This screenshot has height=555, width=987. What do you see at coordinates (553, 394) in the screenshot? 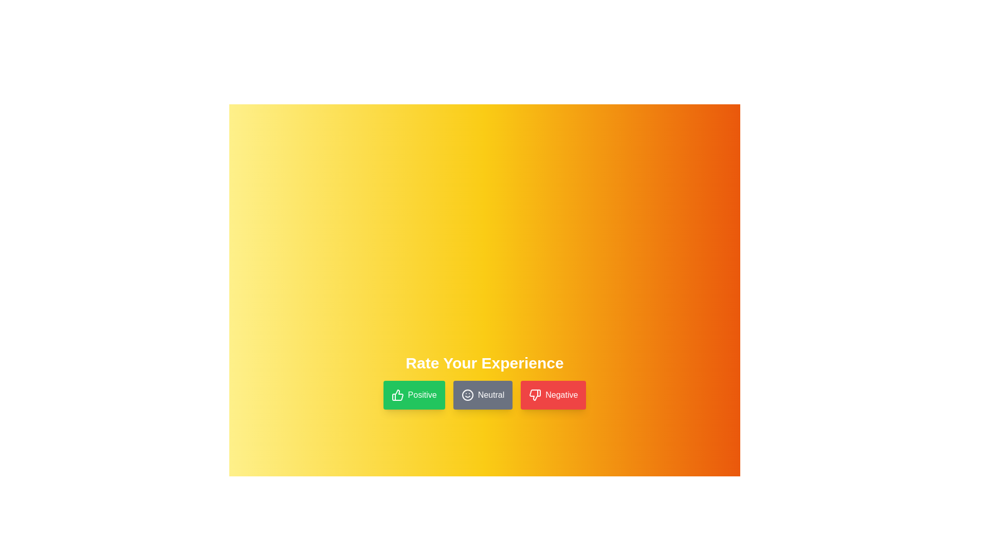
I see `the red button labeled 'Negative' with a thumbs-down icon` at bounding box center [553, 394].